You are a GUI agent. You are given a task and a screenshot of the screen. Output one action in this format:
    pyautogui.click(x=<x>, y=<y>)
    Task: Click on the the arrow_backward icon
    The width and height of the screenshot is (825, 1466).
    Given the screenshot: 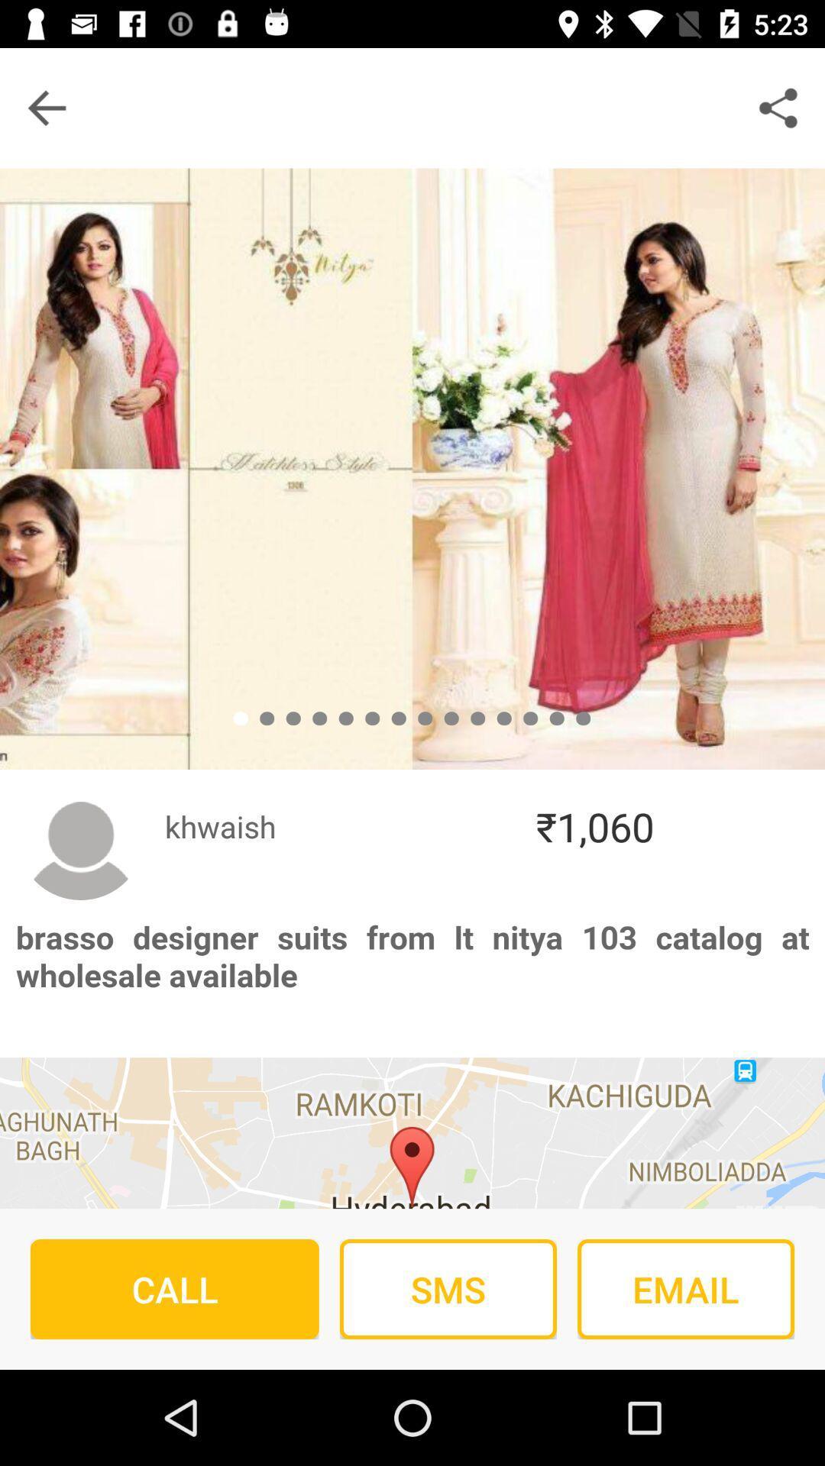 What is the action you would take?
    pyautogui.click(x=46, y=107)
    